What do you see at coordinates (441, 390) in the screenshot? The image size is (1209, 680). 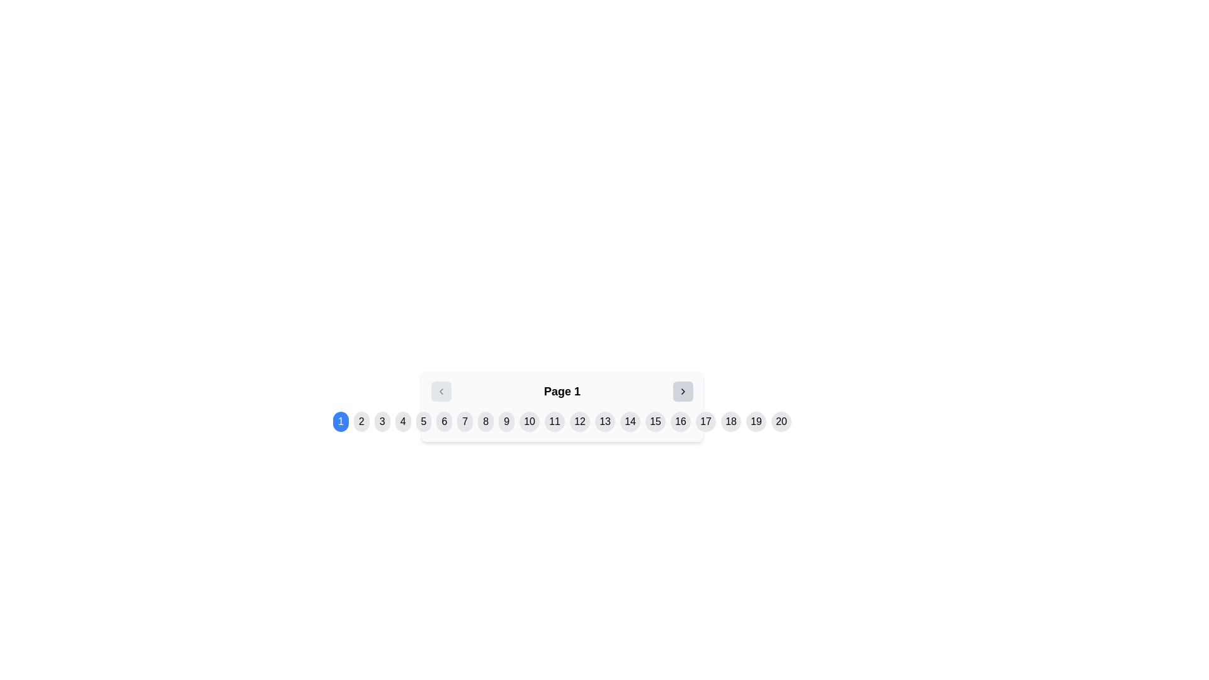 I see `the left-pointing chevron icon embedded in the circular button` at bounding box center [441, 390].